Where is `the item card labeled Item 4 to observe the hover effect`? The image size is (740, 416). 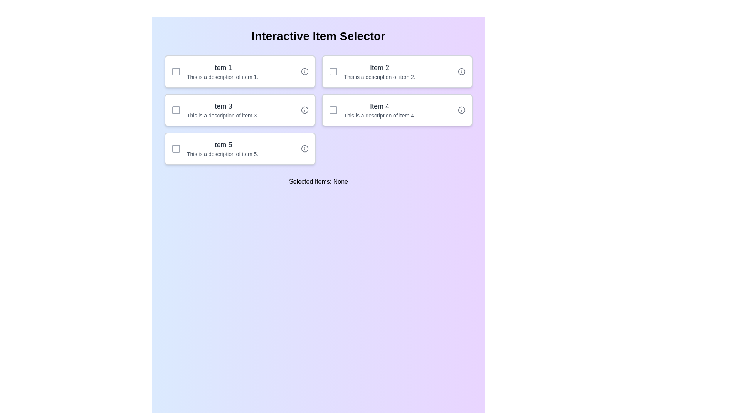 the item card labeled Item 4 to observe the hover effect is located at coordinates (397, 110).